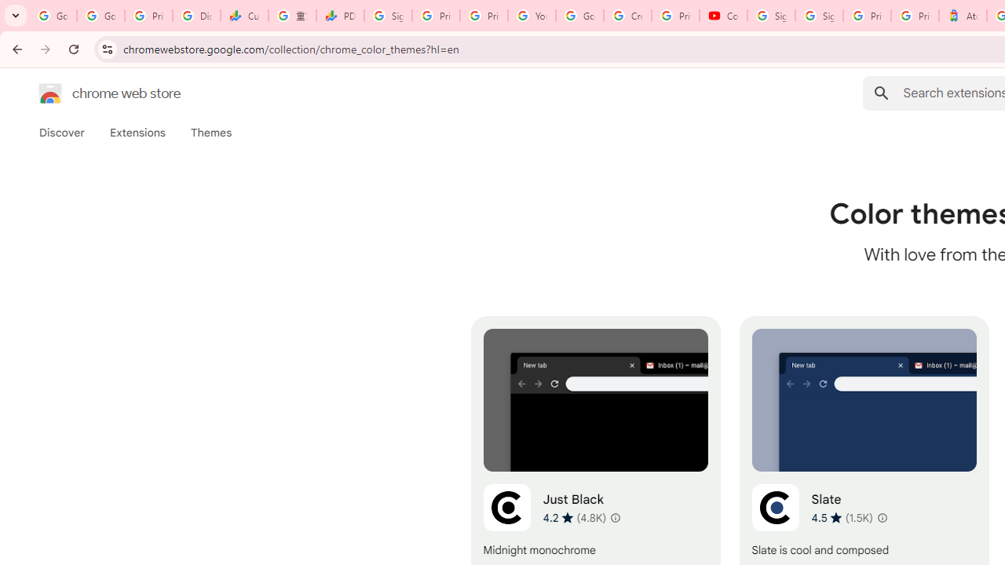  What do you see at coordinates (62, 132) in the screenshot?
I see `'Discover'` at bounding box center [62, 132].